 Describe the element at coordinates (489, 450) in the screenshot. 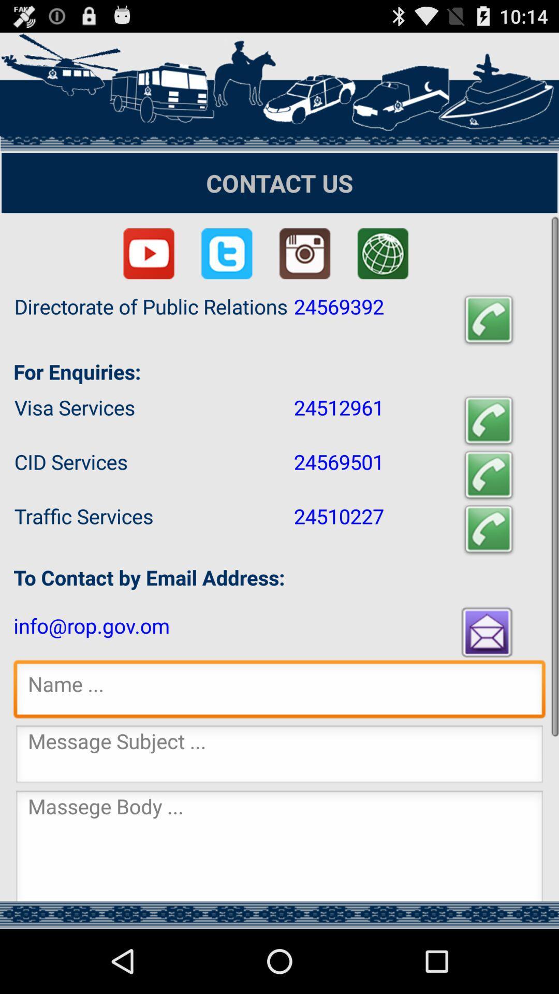

I see `the call icon` at that location.